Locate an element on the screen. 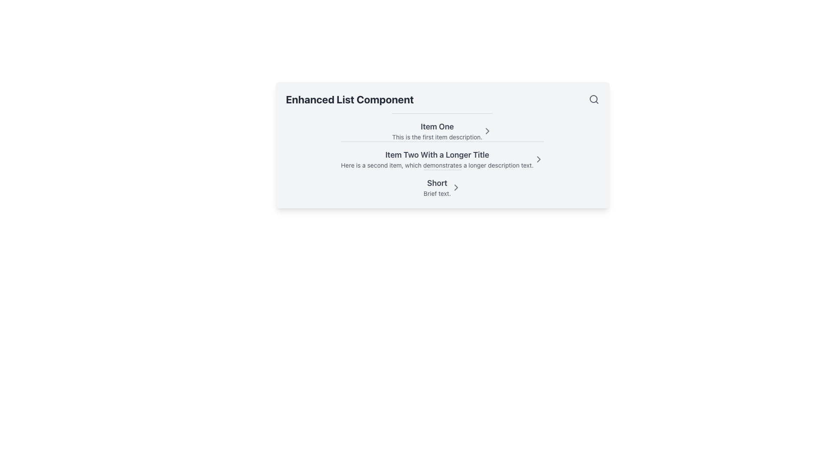 The height and width of the screenshot is (469, 835). the right-pointing chevron icon located next to the clickable title 'Item Two With a Longer Title', which is the right-most element of the second item in the list is located at coordinates (538, 159).